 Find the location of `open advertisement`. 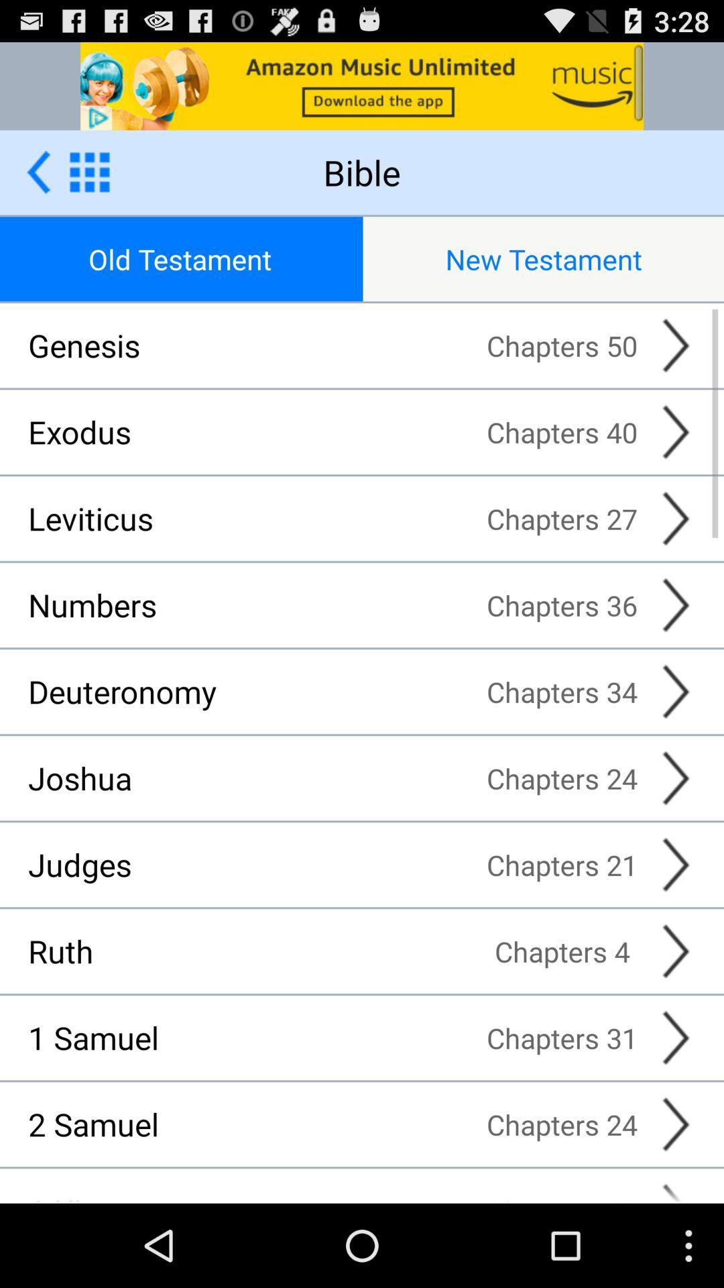

open advertisement is located at coordinates (362, 85).